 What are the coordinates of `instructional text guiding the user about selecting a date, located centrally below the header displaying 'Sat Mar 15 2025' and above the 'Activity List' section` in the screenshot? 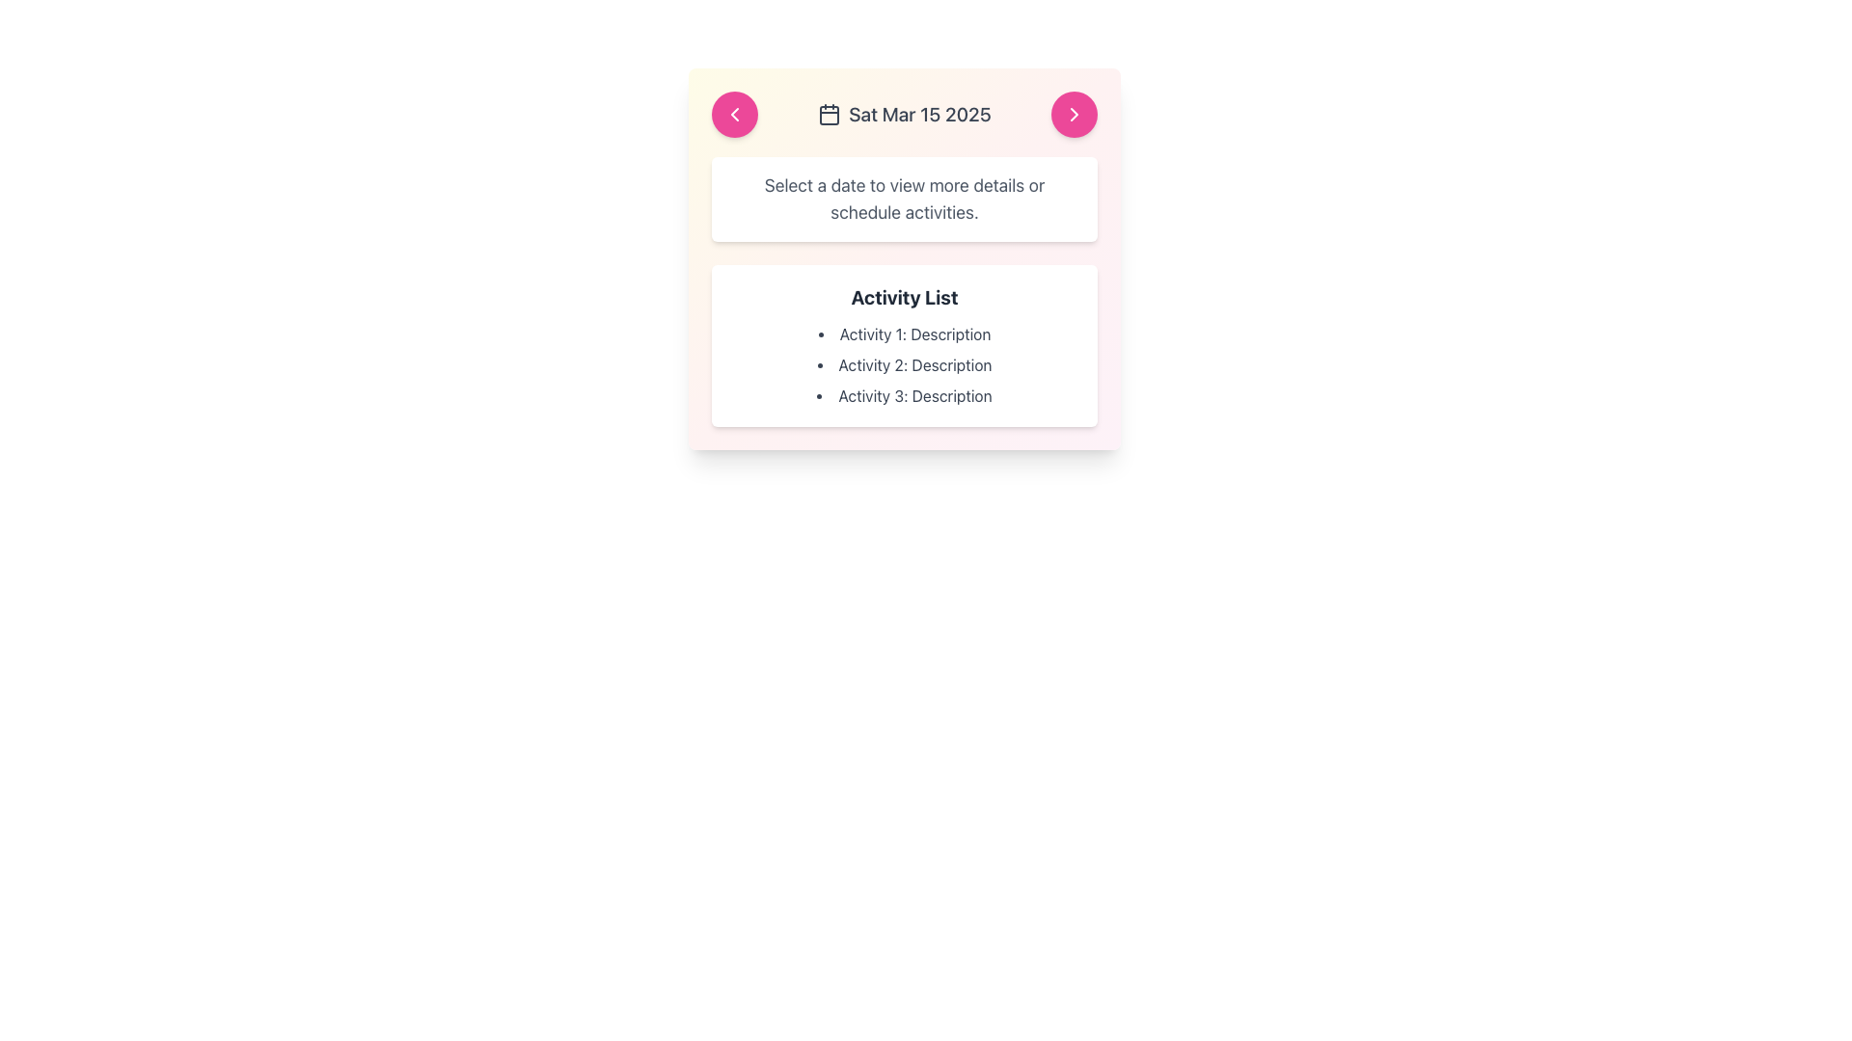 It's located at (903, 200).